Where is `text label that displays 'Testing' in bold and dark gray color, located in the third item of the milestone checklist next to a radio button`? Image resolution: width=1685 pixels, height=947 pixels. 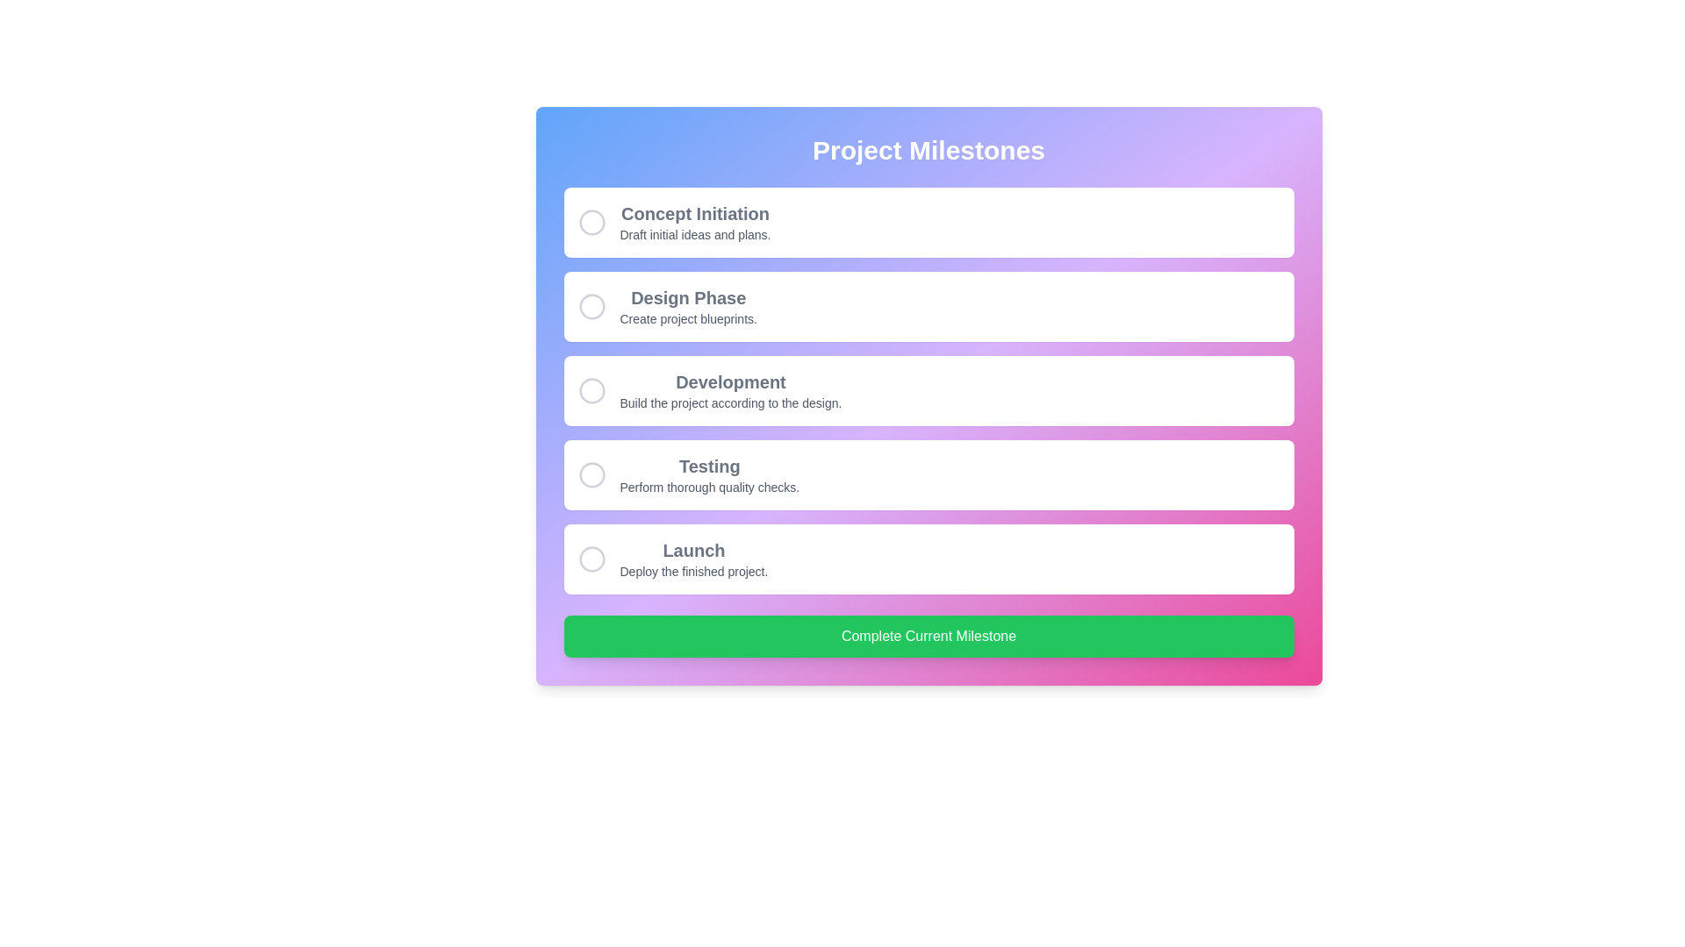 text label that displays 'Testing' in bold and dark gray color, located in the third item of the milestone checklist next to a radio button is located at coordinates (709, 466).